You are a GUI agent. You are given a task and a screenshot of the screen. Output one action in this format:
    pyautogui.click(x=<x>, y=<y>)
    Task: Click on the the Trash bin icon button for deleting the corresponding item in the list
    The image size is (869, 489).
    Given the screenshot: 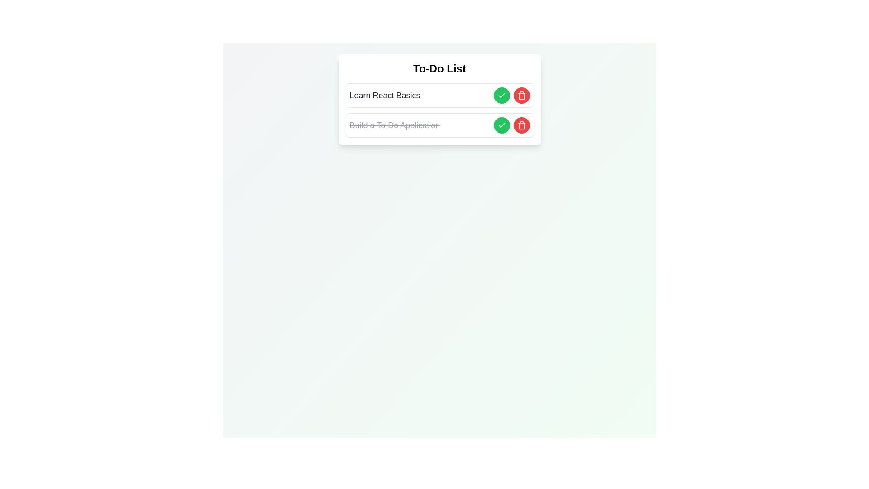 What is the action you would take?
    pyautogui.click(x=521, y=125)
    